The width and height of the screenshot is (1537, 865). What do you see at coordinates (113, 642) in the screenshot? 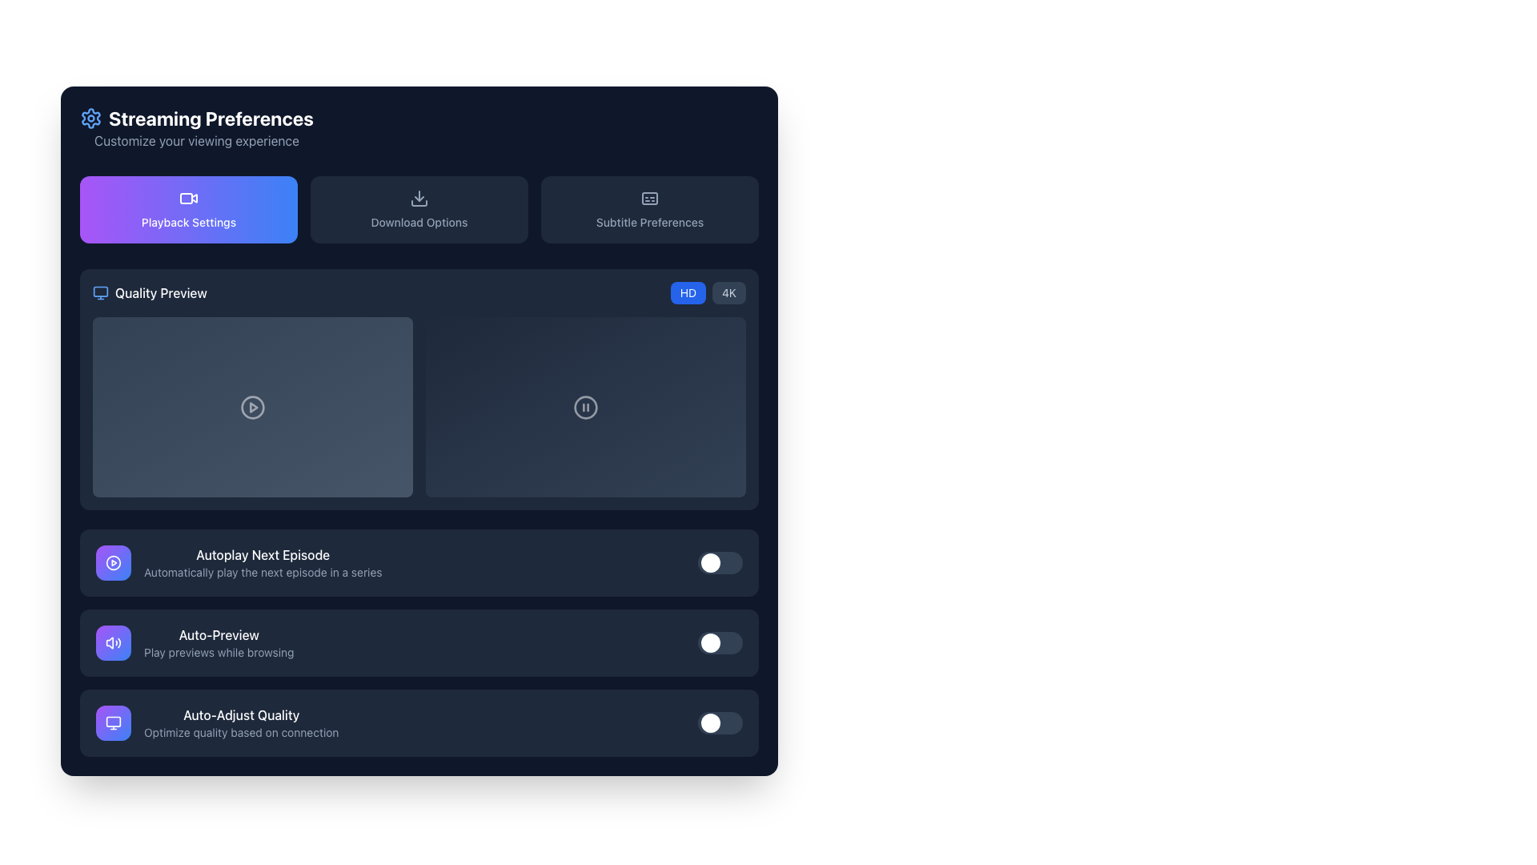
I see `the rounded rectangular Icon button with a gradient color scheme from purple to blue, featuring a white speaker icon, located in the 'Auto-Preview' row to the left of the text labels 'Auto-Preview' and 'Play previews while browsing'` at bounding box center [113, 642].